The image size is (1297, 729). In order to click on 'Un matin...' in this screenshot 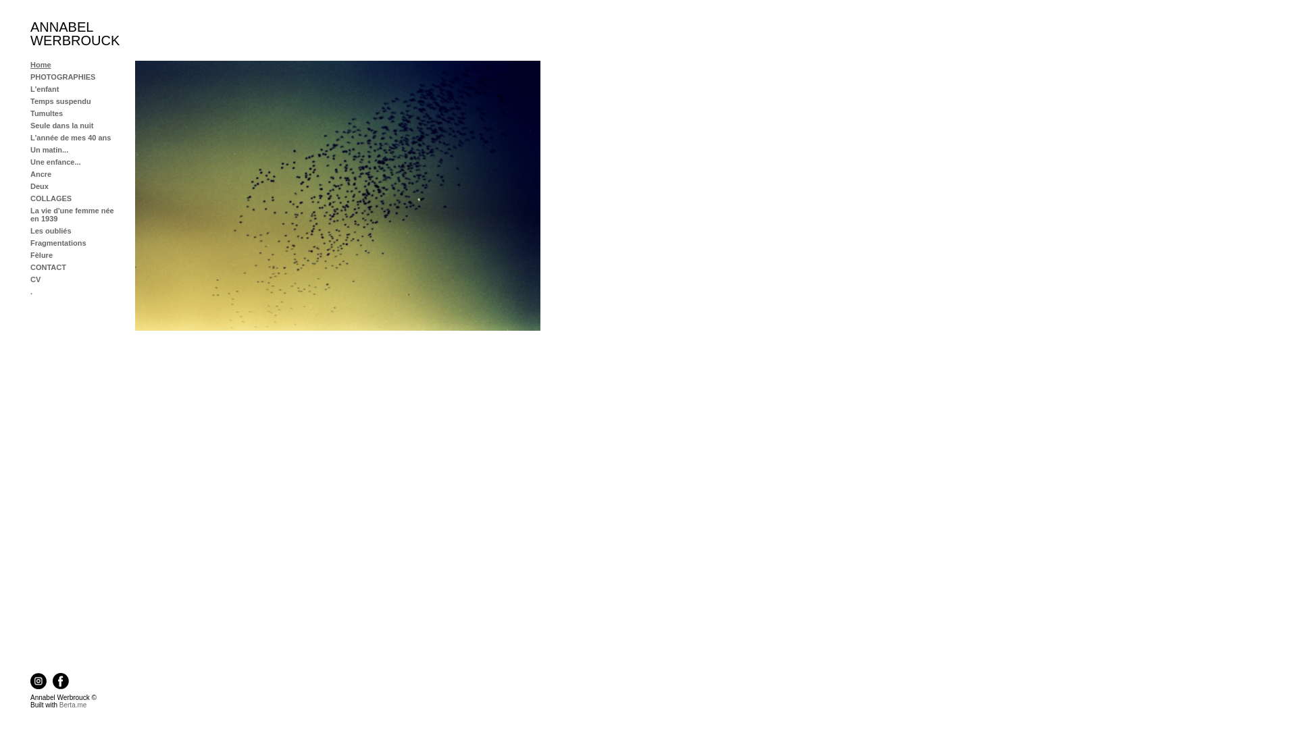, I will do `click(49, 150)`.